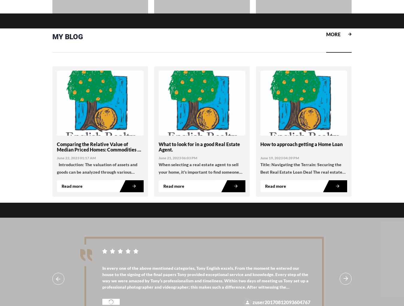 This screenshot has width=404, height=306. What do you see at coordinates (100, 149) in the screenshot?
I see `'Comparing the Relative Value of Median Priced Homes: Commodities vs. US Dollars'` at bounding box center [100, 149].